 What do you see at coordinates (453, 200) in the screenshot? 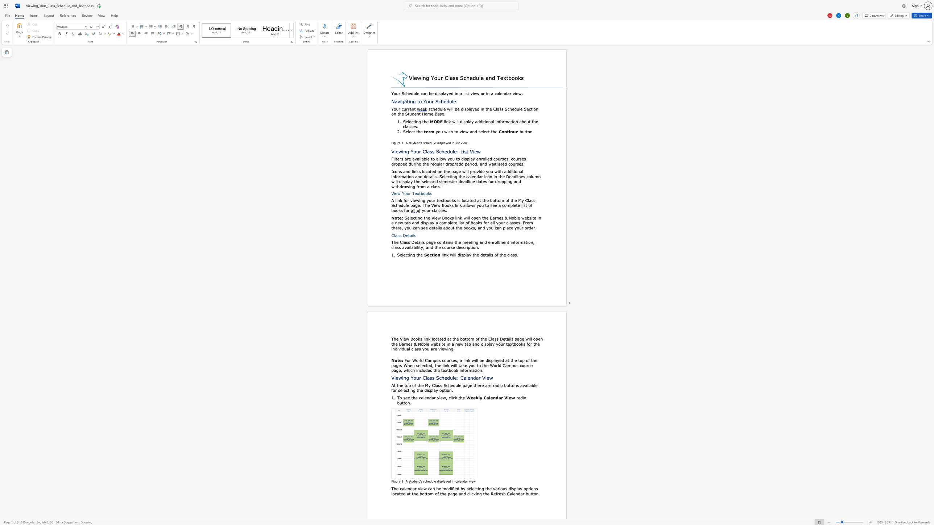
I see `the space between the continuous character "k" and "s" in the text` at bounding box center [453, 200].